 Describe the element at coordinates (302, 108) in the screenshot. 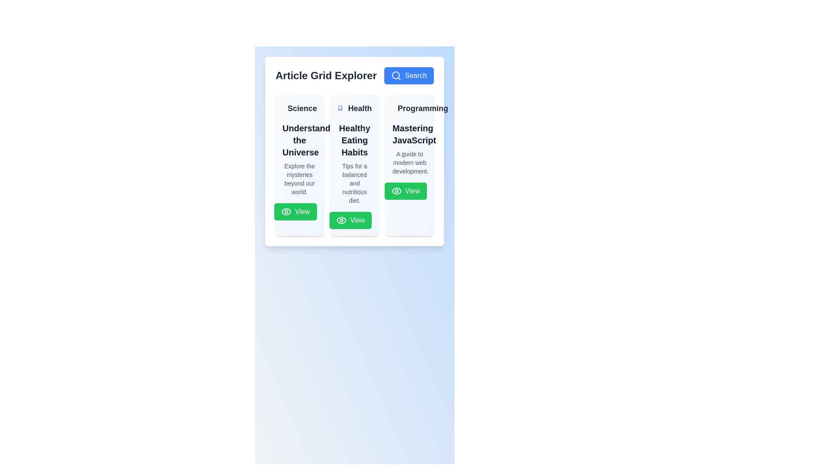

I see `the 'Science' text label, which is styled in bold and larger size, located at the top-left corner of the first card in the grid, serving as the category label for the card titled 'Understand the Universe'` at that location.